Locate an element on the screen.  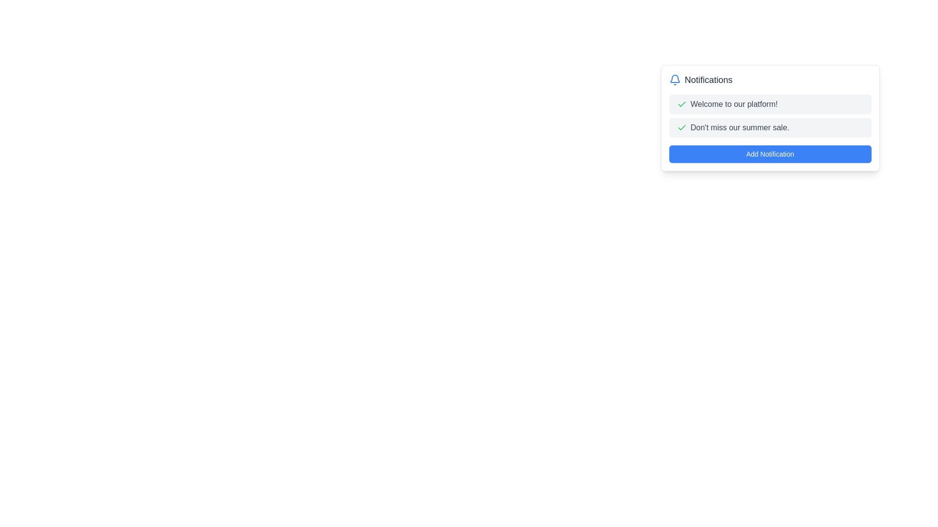
the Notification item with a light gray background and a green checkmark icon, which contains the text 'Welcome to our platform!' is located at coordinates (769, 104).